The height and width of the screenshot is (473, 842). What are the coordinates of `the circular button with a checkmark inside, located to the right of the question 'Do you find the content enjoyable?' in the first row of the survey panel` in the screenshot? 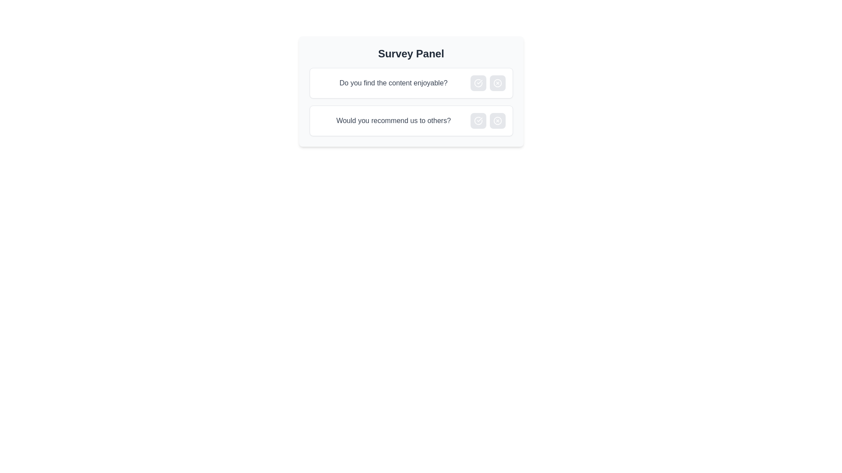 It's located at (478, 83).